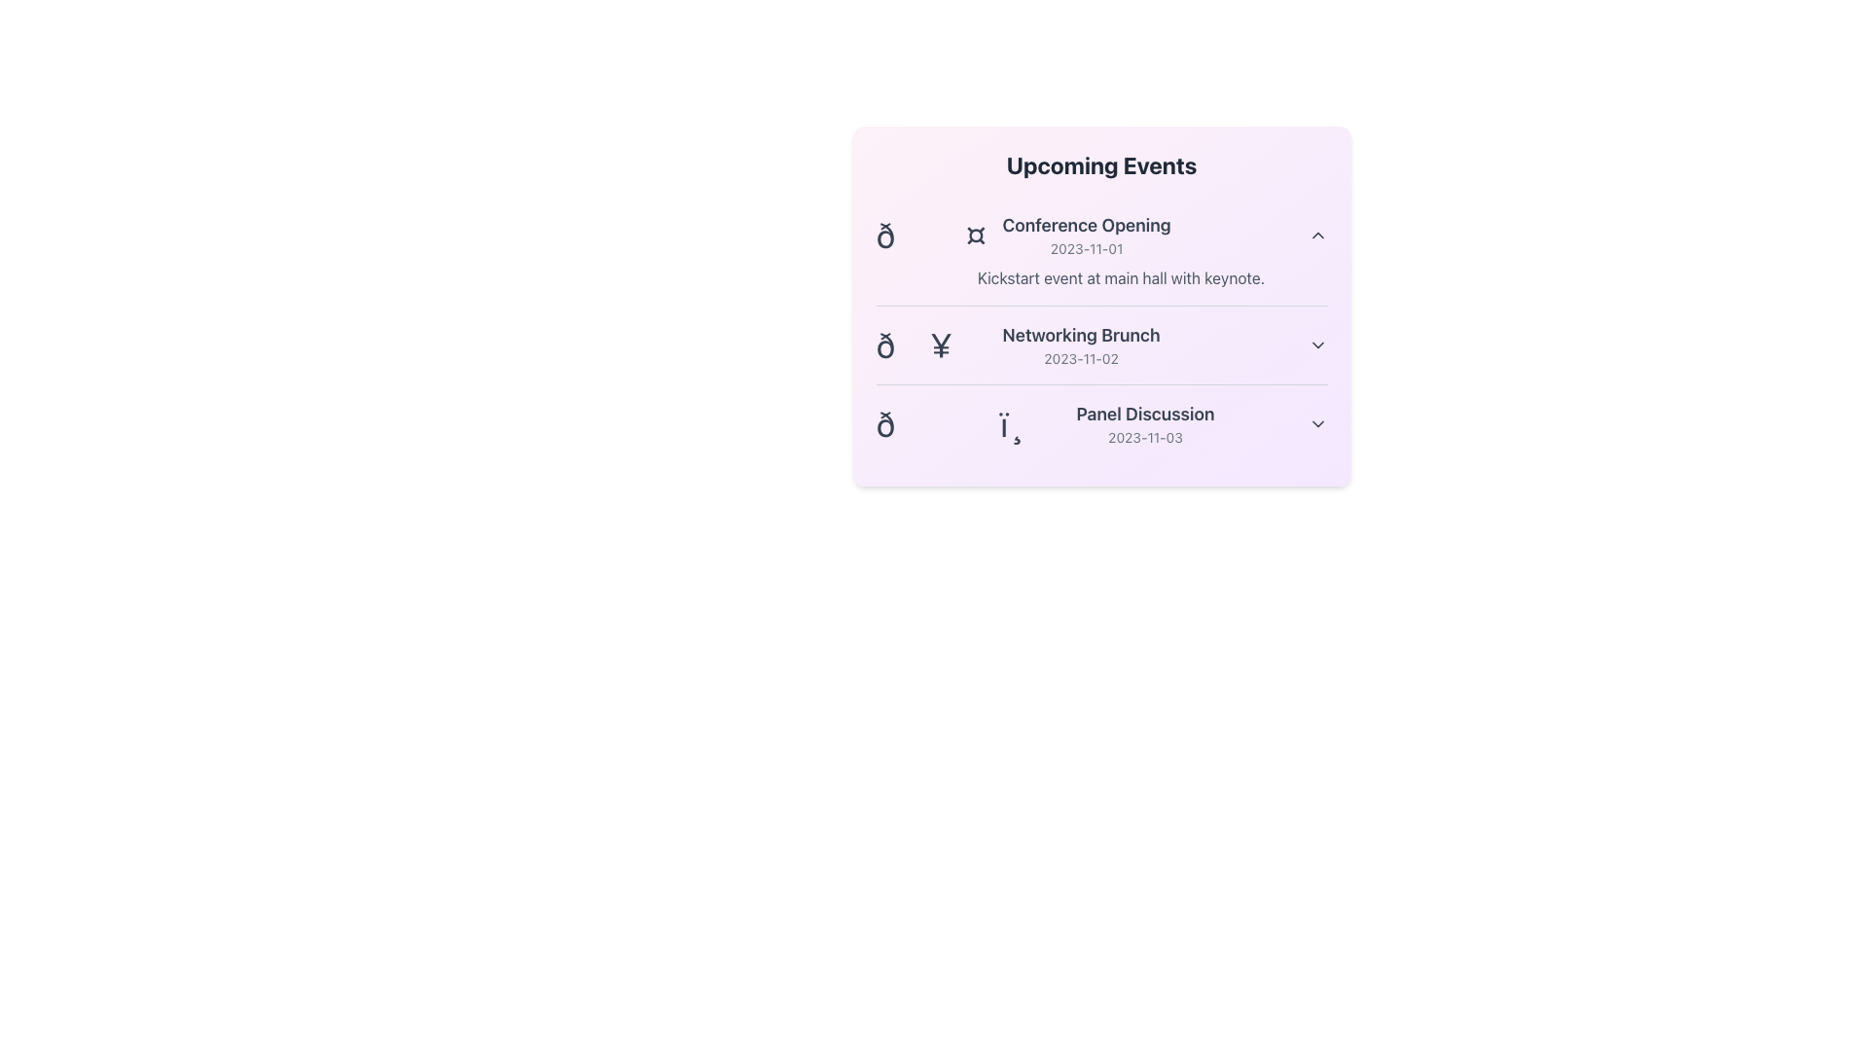 The height and width of the screenshot is (1051, 1868). Describe the element at coordinates (1086, 224) in the screenshot. I see `the static text label displaying the title 'Conference Opening' in the 'Upcoming Events' section` at that location.